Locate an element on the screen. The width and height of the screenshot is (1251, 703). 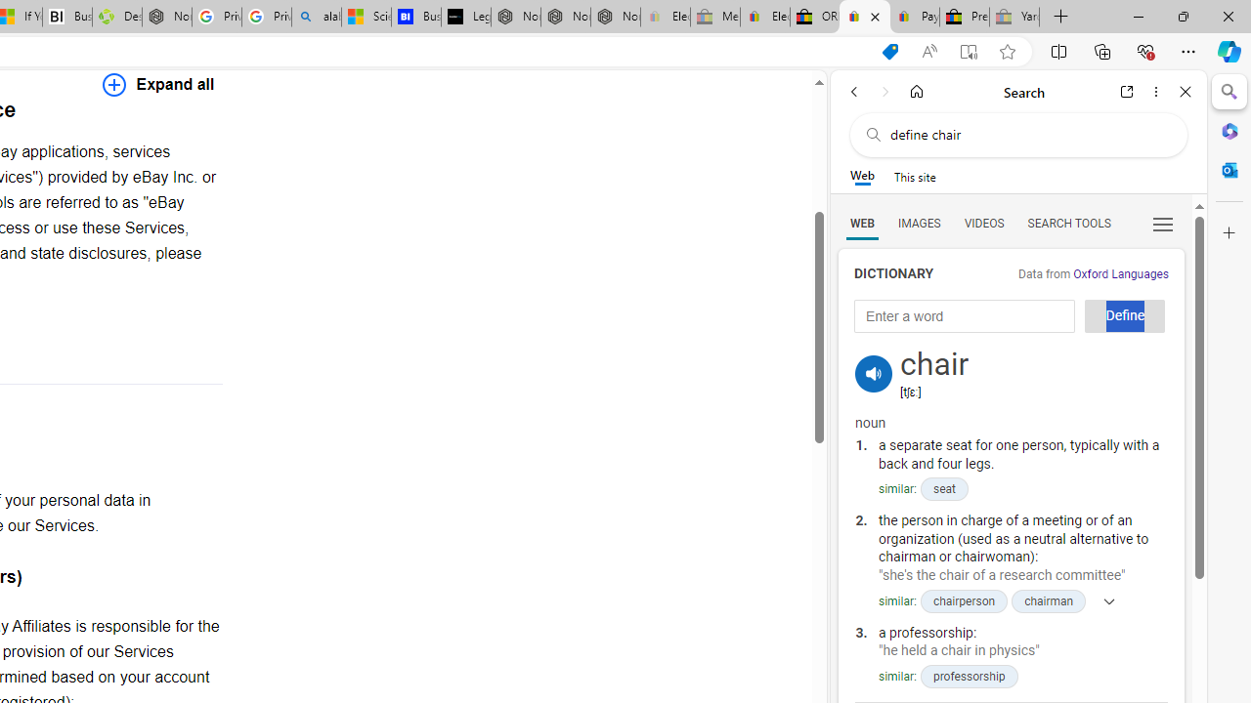
'Nordace - My Account' is located at coordinates (166, 17).